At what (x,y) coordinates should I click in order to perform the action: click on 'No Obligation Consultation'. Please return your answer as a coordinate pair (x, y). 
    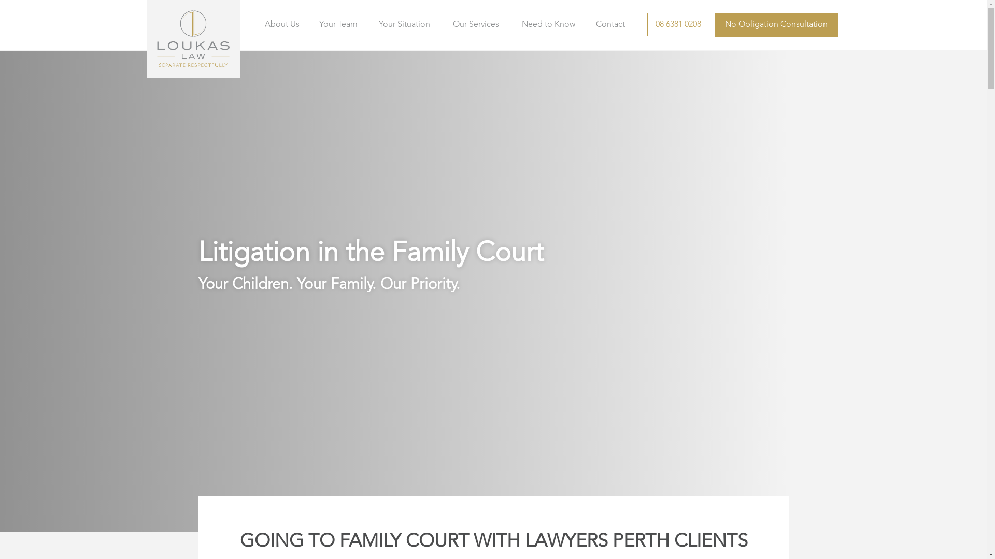
    Looking at the image, I should click on (776, 24).